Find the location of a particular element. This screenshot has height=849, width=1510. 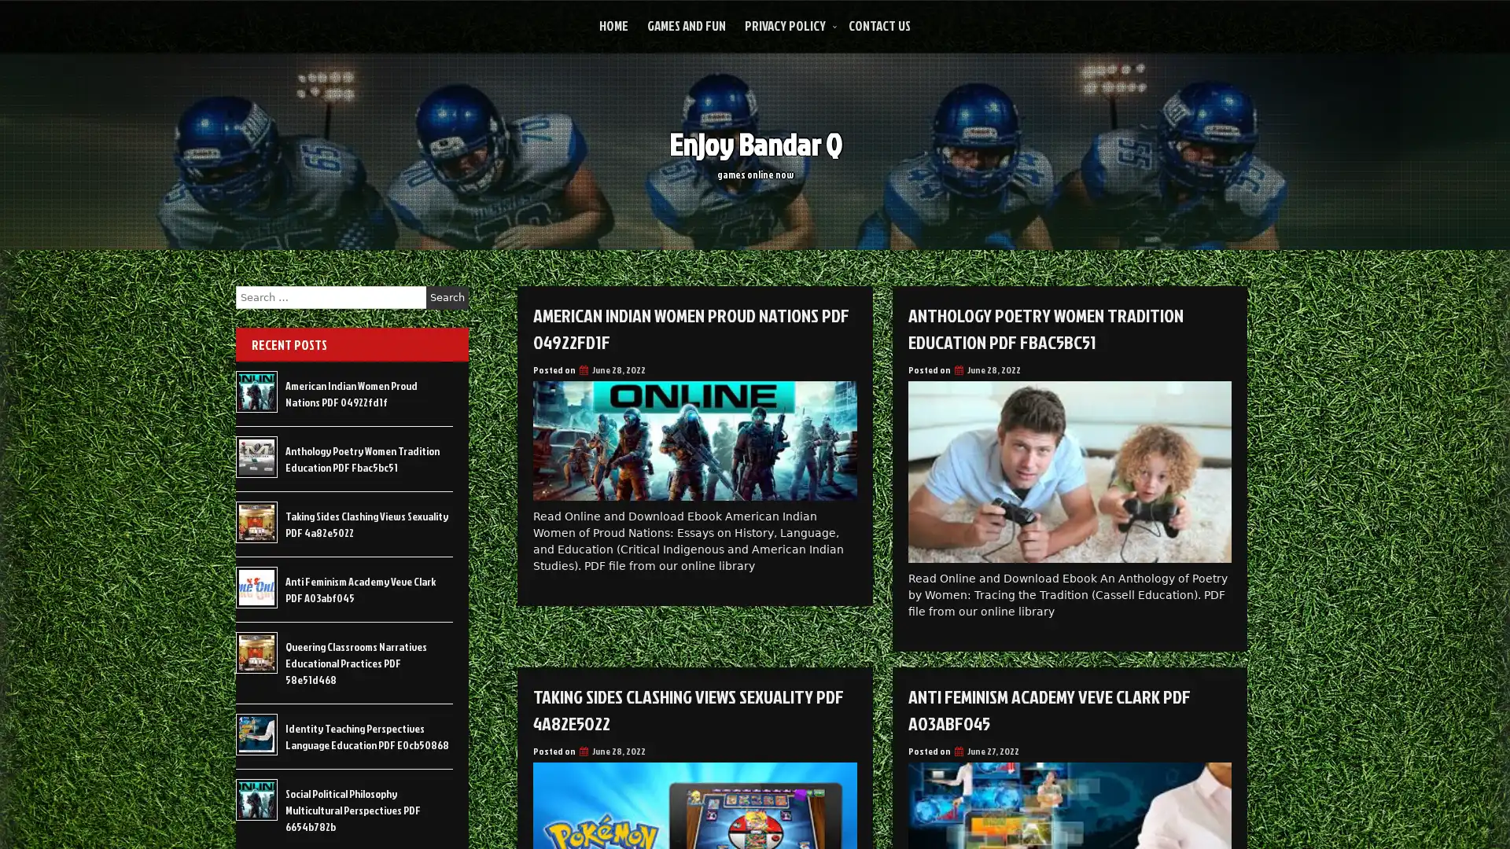

Search is located at coordinates (447, 297).